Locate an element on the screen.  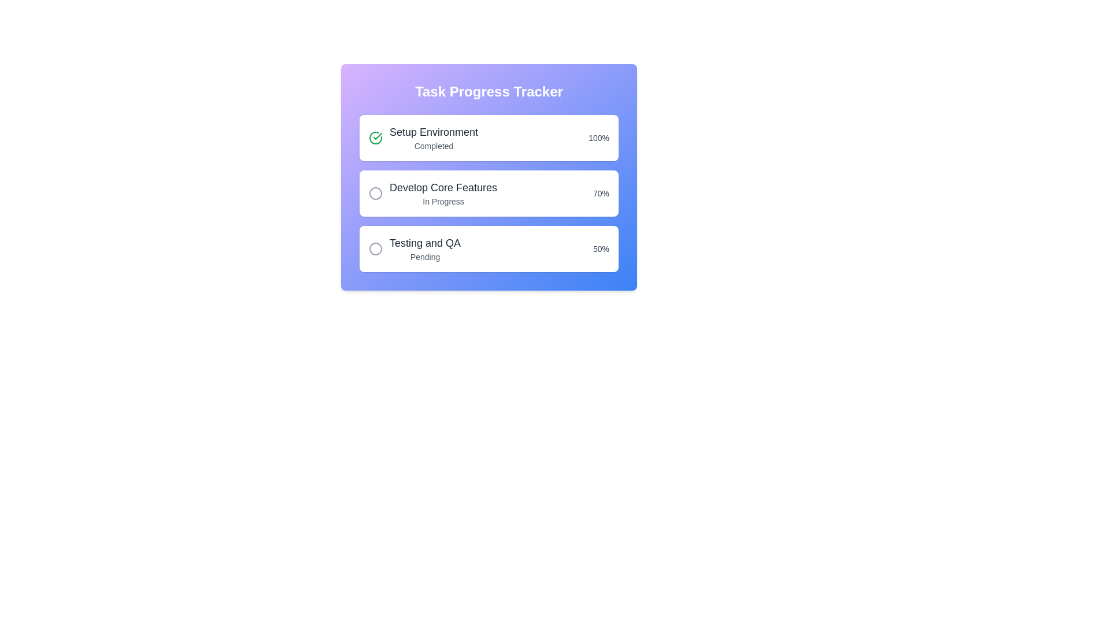
the static text component labeled 'Setup Environment' that indicates its completion status as 'Completed', located in the first row of the 'Task Progress Tracker' card is located at coordinates (433, 138).